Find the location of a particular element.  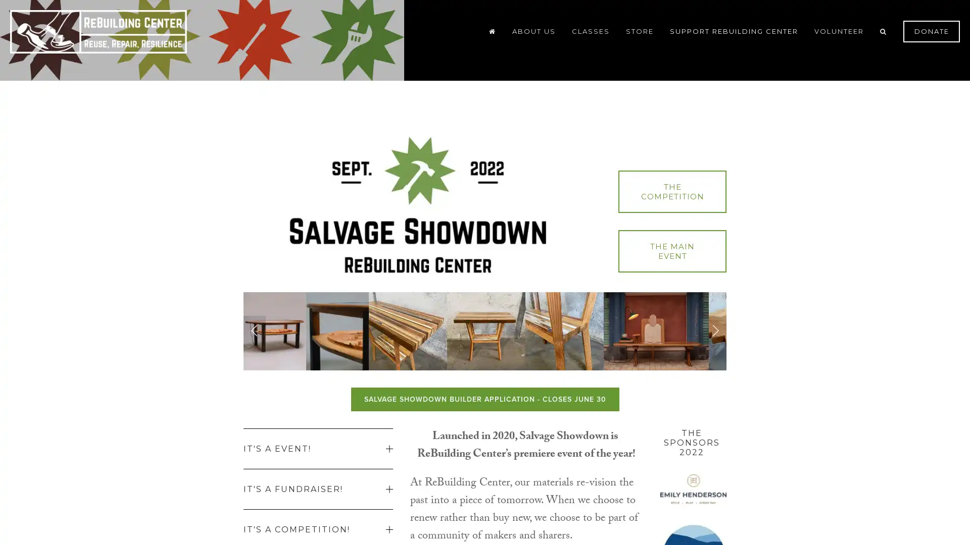

Next Slide is located at coordinates (715, 331).